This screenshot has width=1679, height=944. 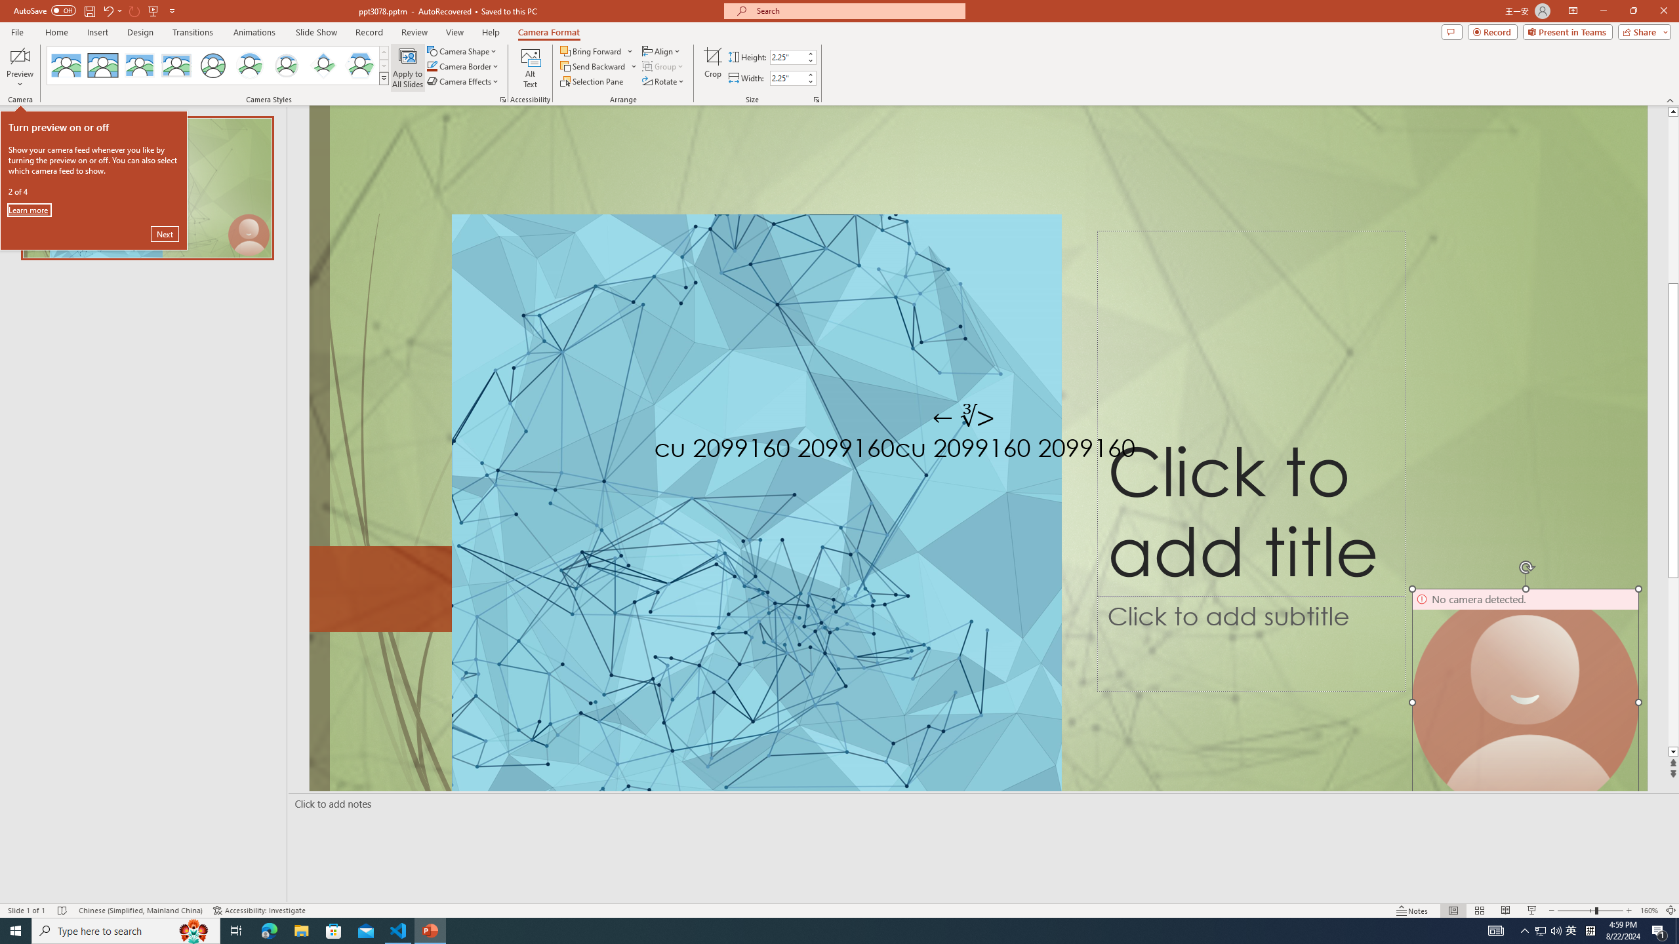 What do you see at coordinates (712, 68) in the screenshot?
I see `'Crop'` at bounding box center [712, 68].